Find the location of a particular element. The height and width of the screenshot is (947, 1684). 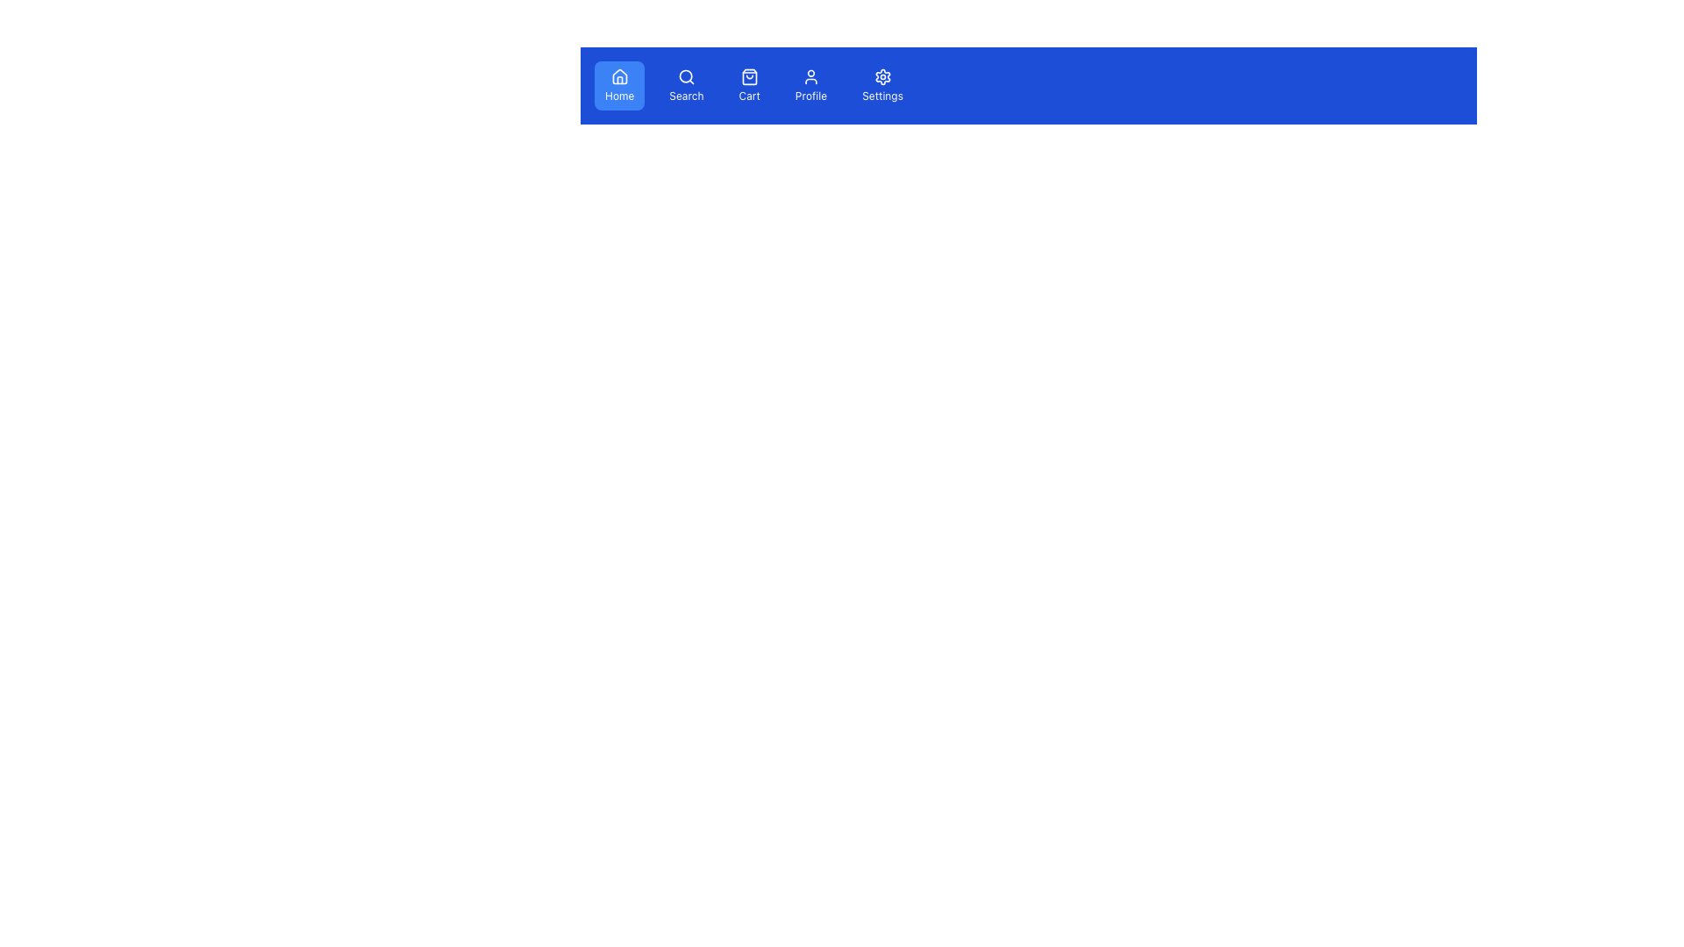

the 'Settings' text label, which is displayed in small white font on a blue background and is located below a gear icon in the horizontal navigation bar as the fifth item from the left is located at coordinates (882, 96).